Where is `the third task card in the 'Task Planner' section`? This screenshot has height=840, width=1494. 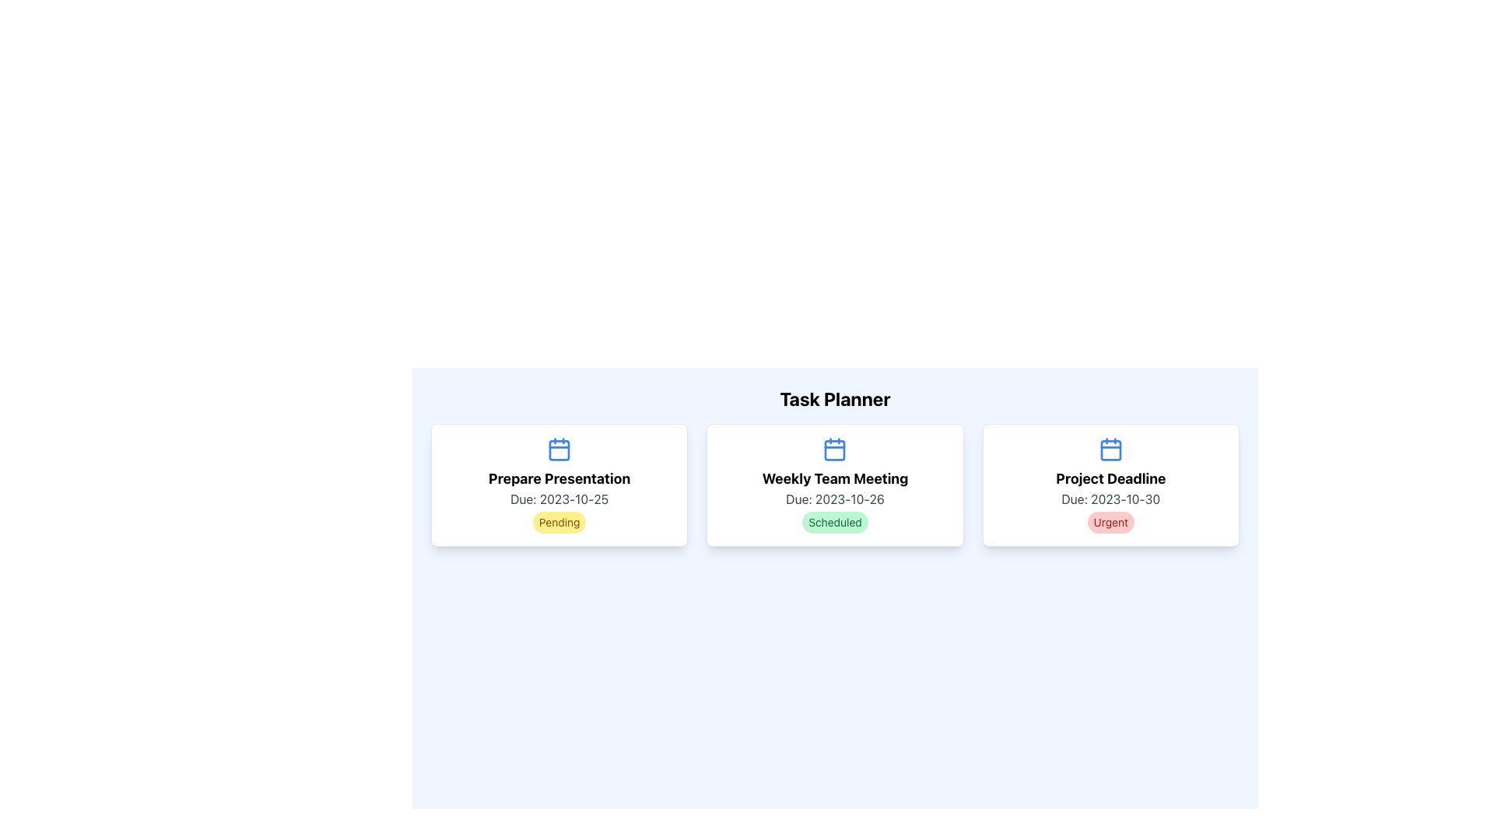 the third task card in the 'Task Planner' section is located at coordinates (1110, 485).